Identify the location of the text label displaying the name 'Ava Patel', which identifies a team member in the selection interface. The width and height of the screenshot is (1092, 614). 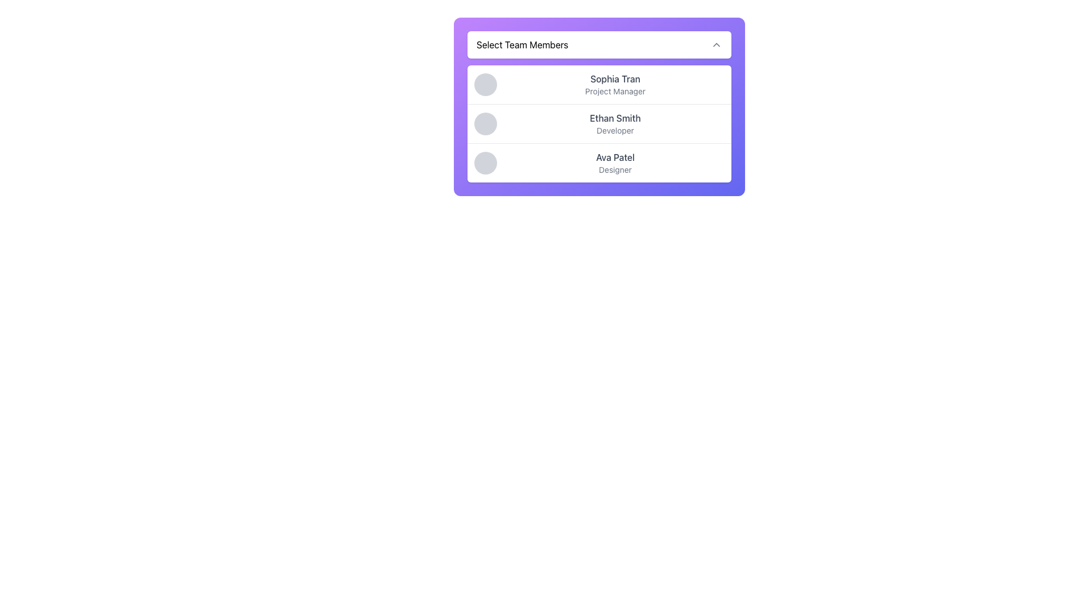
(614, 157).